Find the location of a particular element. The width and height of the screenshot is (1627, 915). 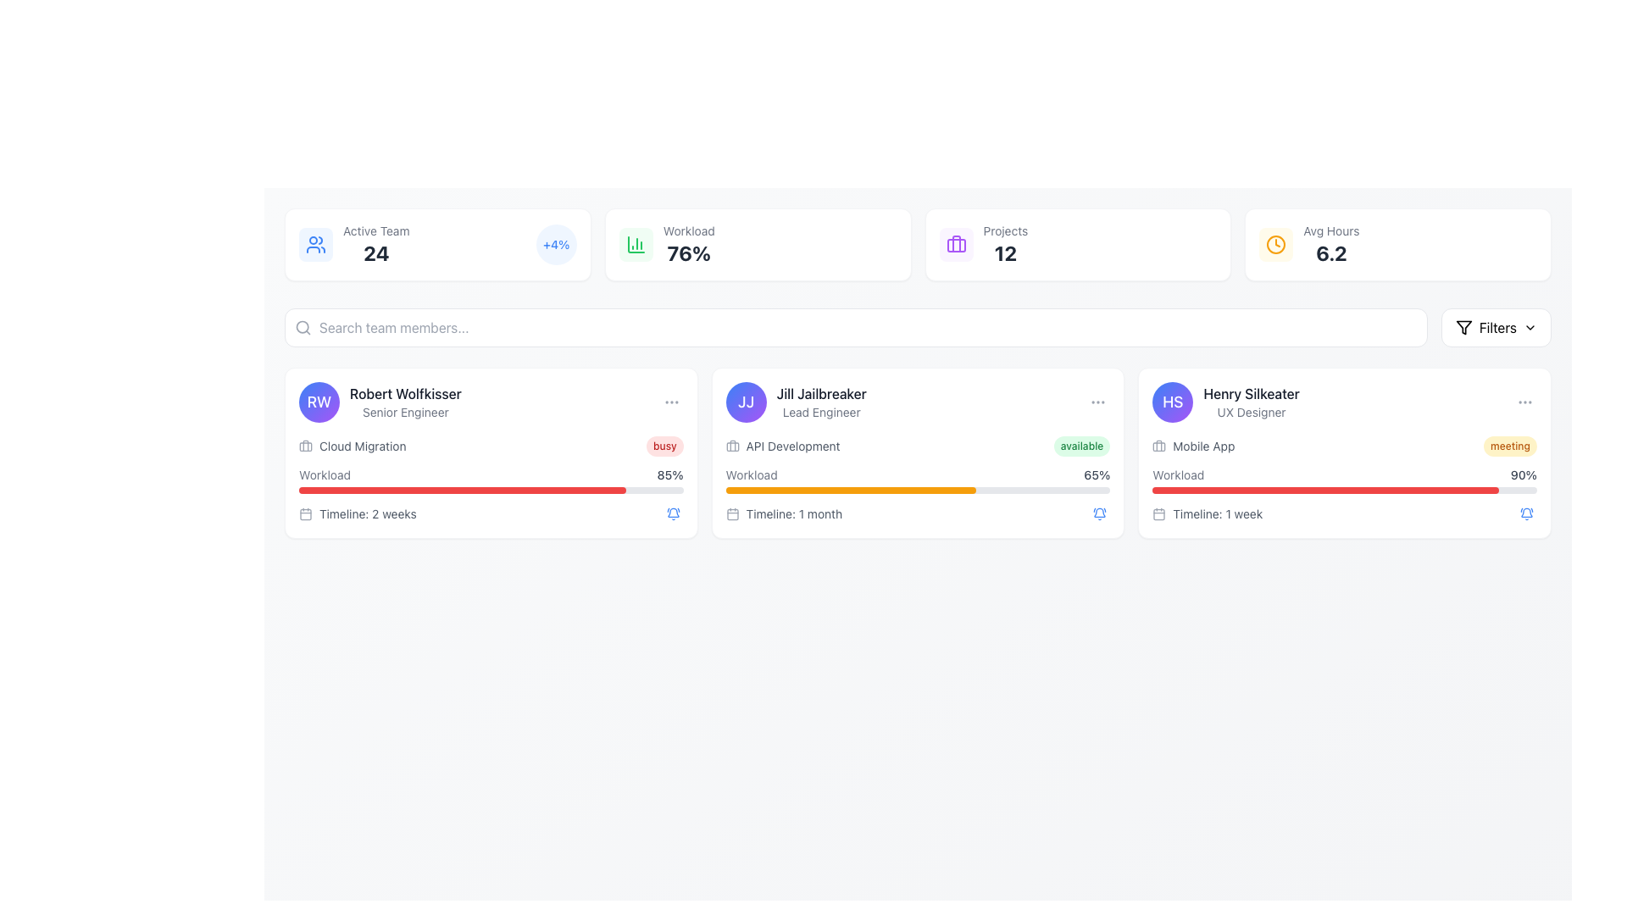

the text label displaying 'API Development' which is styled in gray and located in the card for 'Jill Jailbreaker' is located at coordinates (792, 446).